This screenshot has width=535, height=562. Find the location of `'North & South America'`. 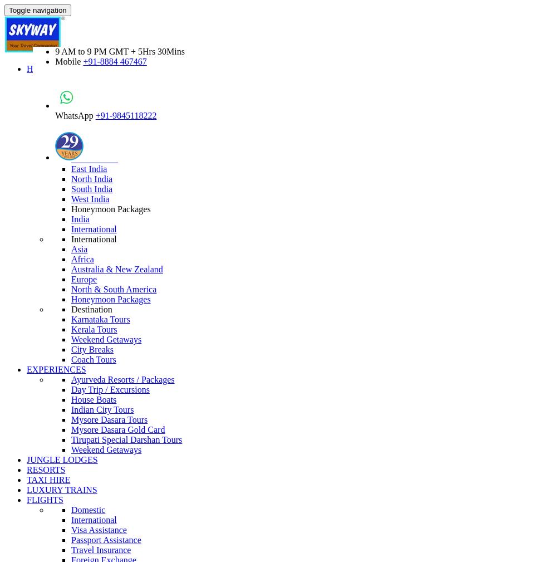

'North & South America' is located at coordinates (114, 289).